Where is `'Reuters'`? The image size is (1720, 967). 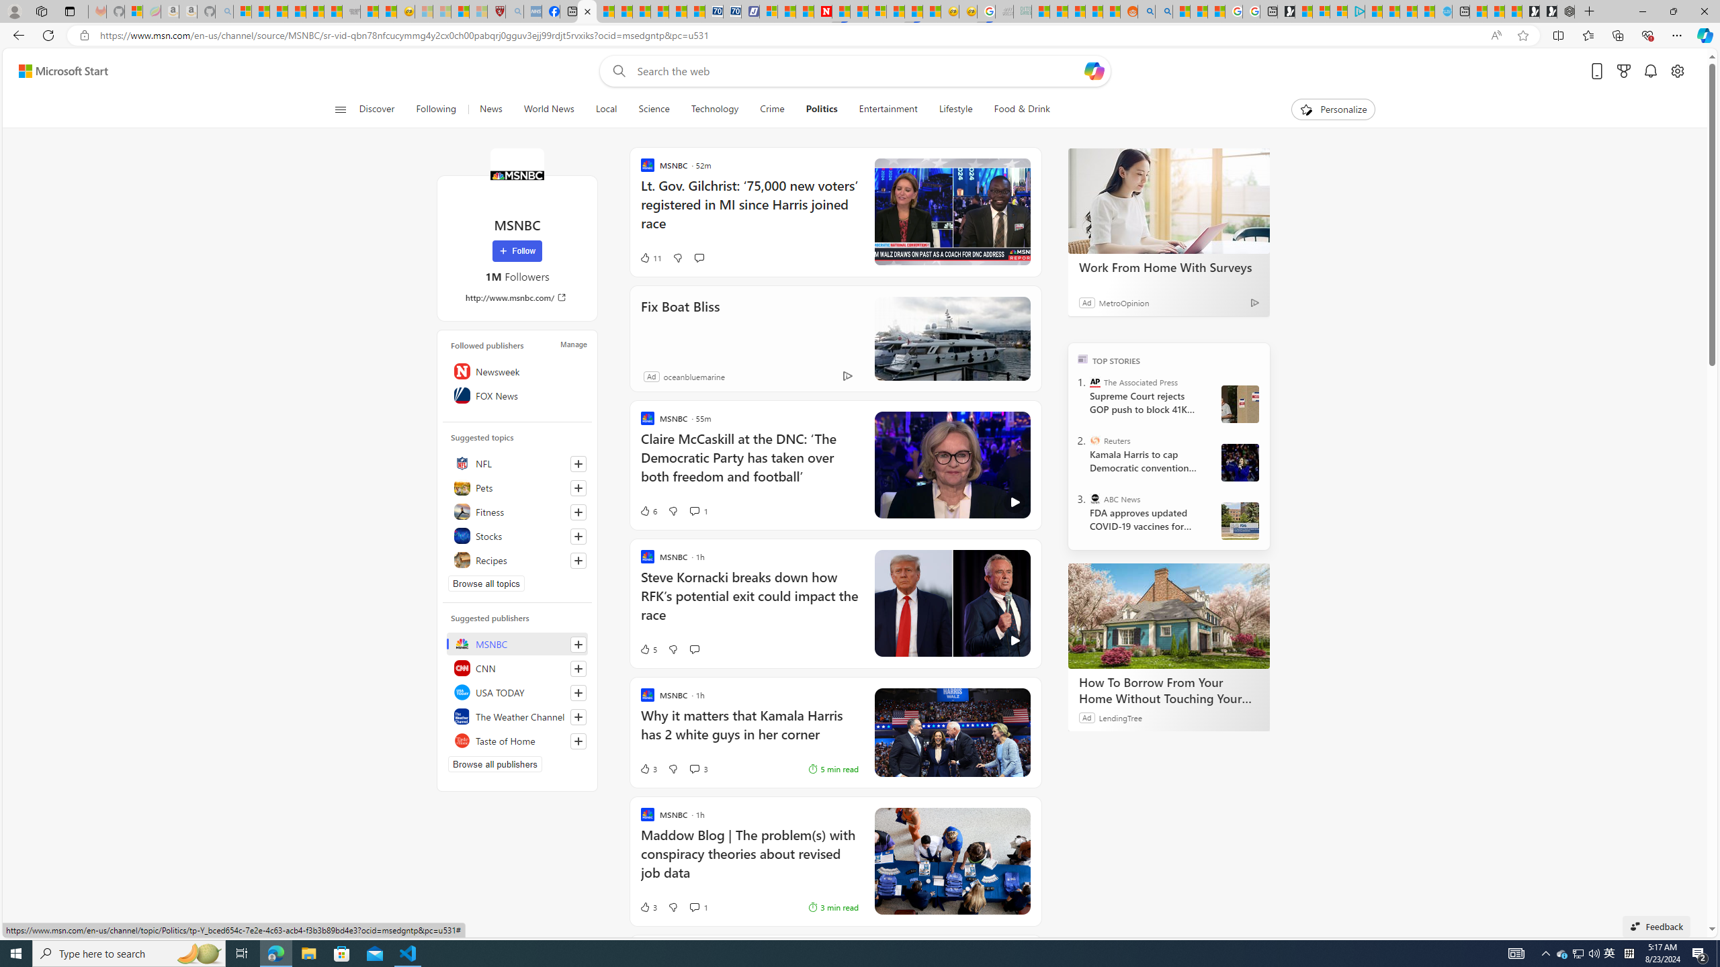 'Reuters' is located at coordinates (1095, 439).